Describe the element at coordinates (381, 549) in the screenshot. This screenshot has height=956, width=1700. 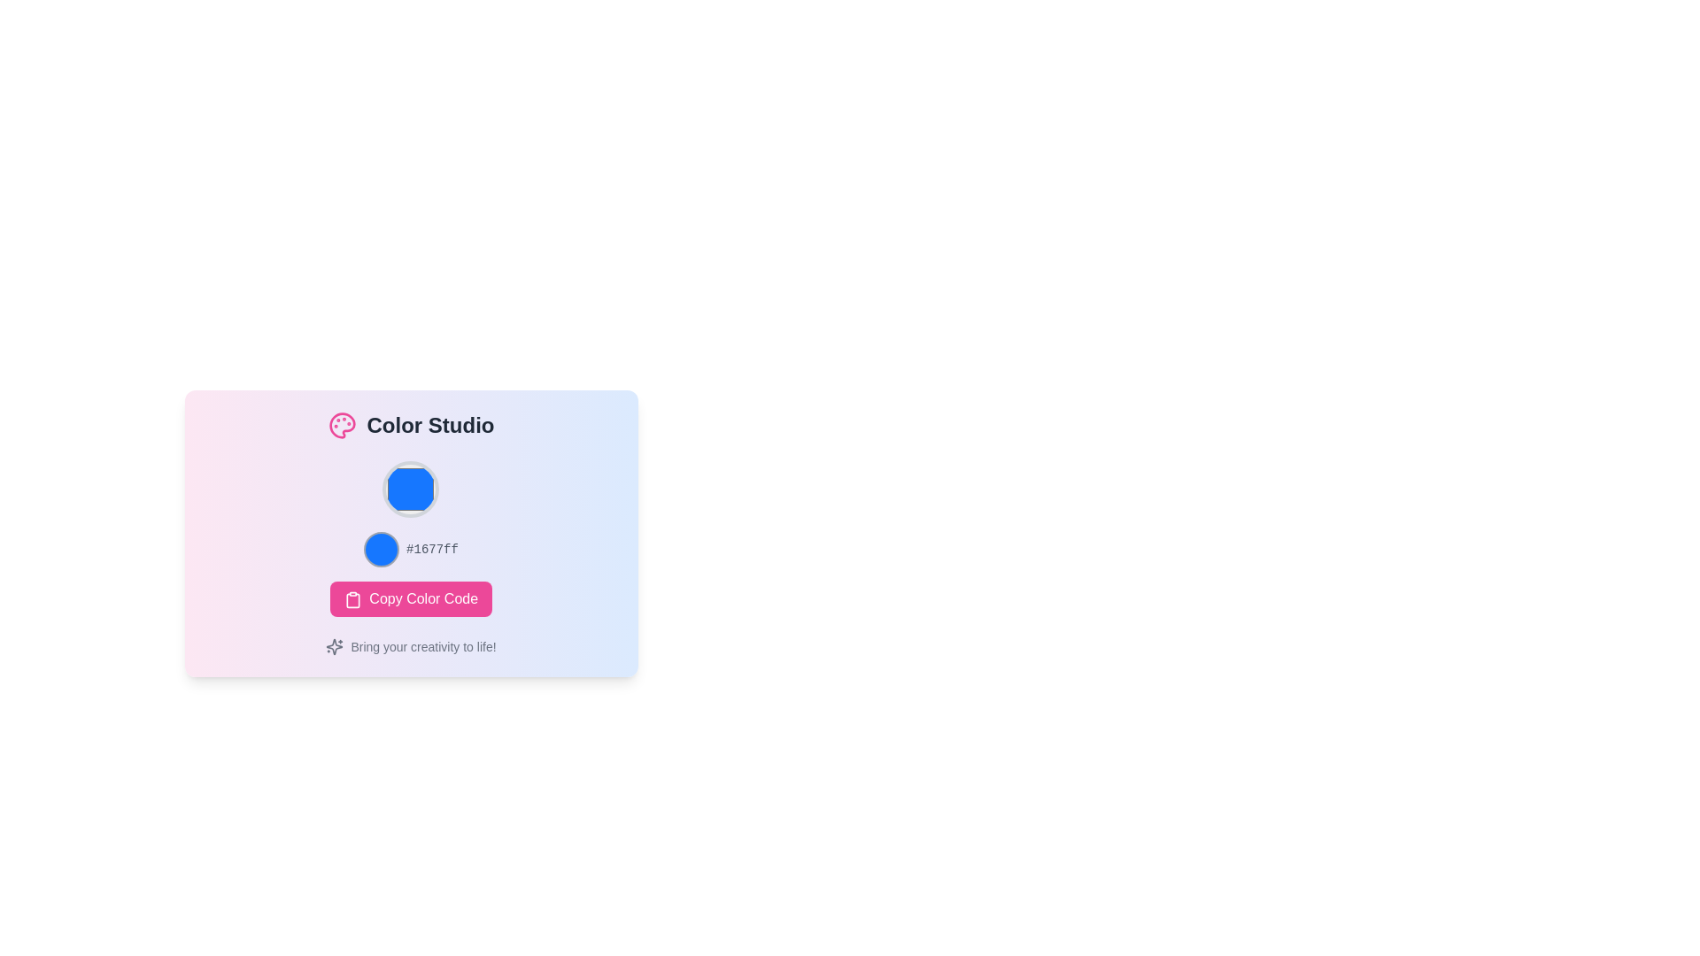
I see `the color represented by the circular visual element located in the lower section of the panel, left of the displayed color code '#1677ff'` at that location.